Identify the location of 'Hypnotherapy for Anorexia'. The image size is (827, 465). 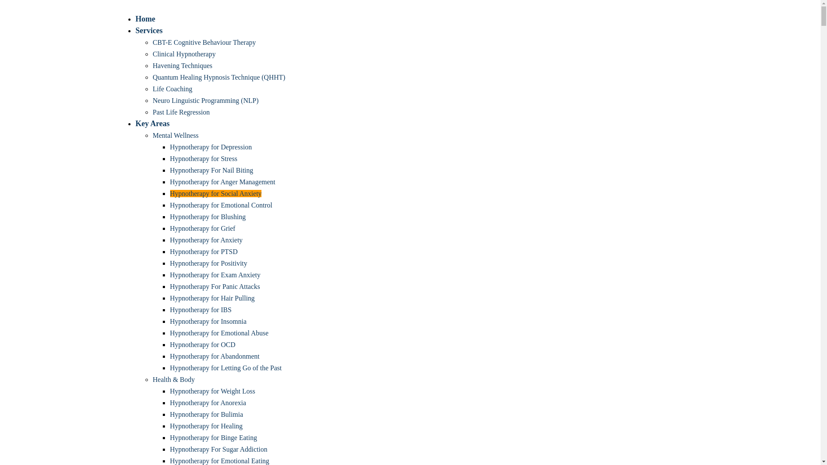
(208, 403).